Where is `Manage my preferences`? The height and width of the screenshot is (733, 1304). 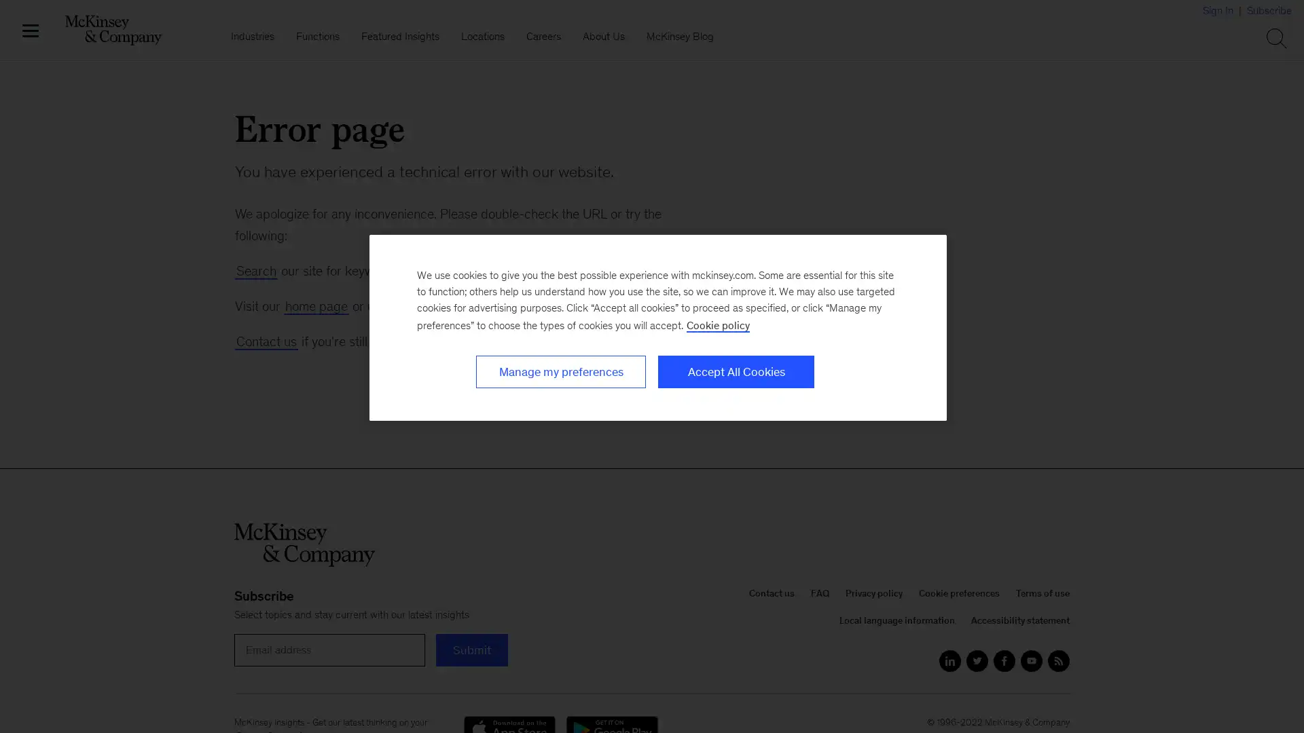 Manage my preferences is located at coordinates (560, 371).